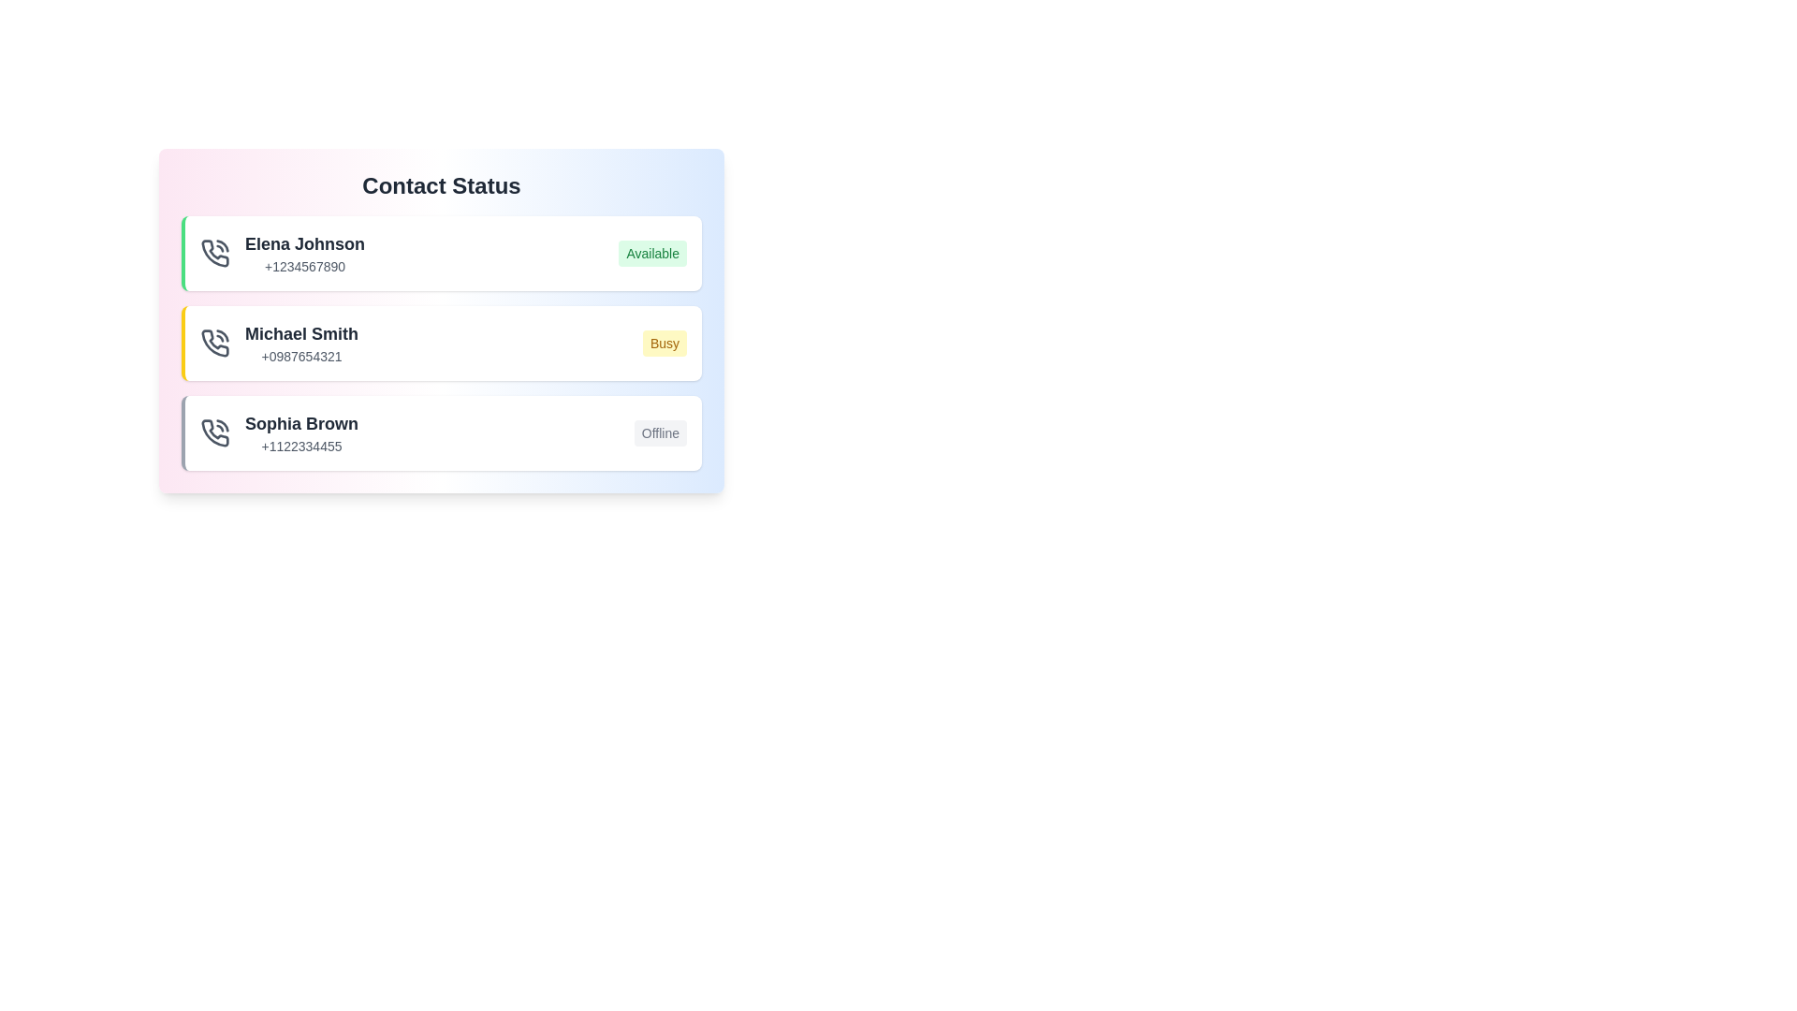  Describe the element at coordinates (300, 333) in the screenshot. I see `the name of the contact Michael Smith to view their details` at that location.